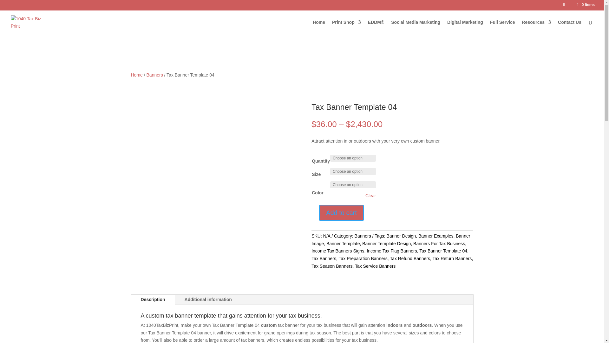  What do you see at coordinates (363, 236) in the screenshot?
I see `'Banners'` at bounding box center [363, 236].